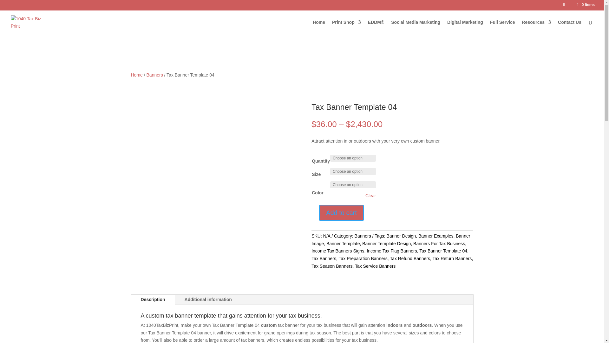  What do you see at coordinates (363, 236) in the screenshot?
I see `'Banners'` at bounding box center [363, 236].